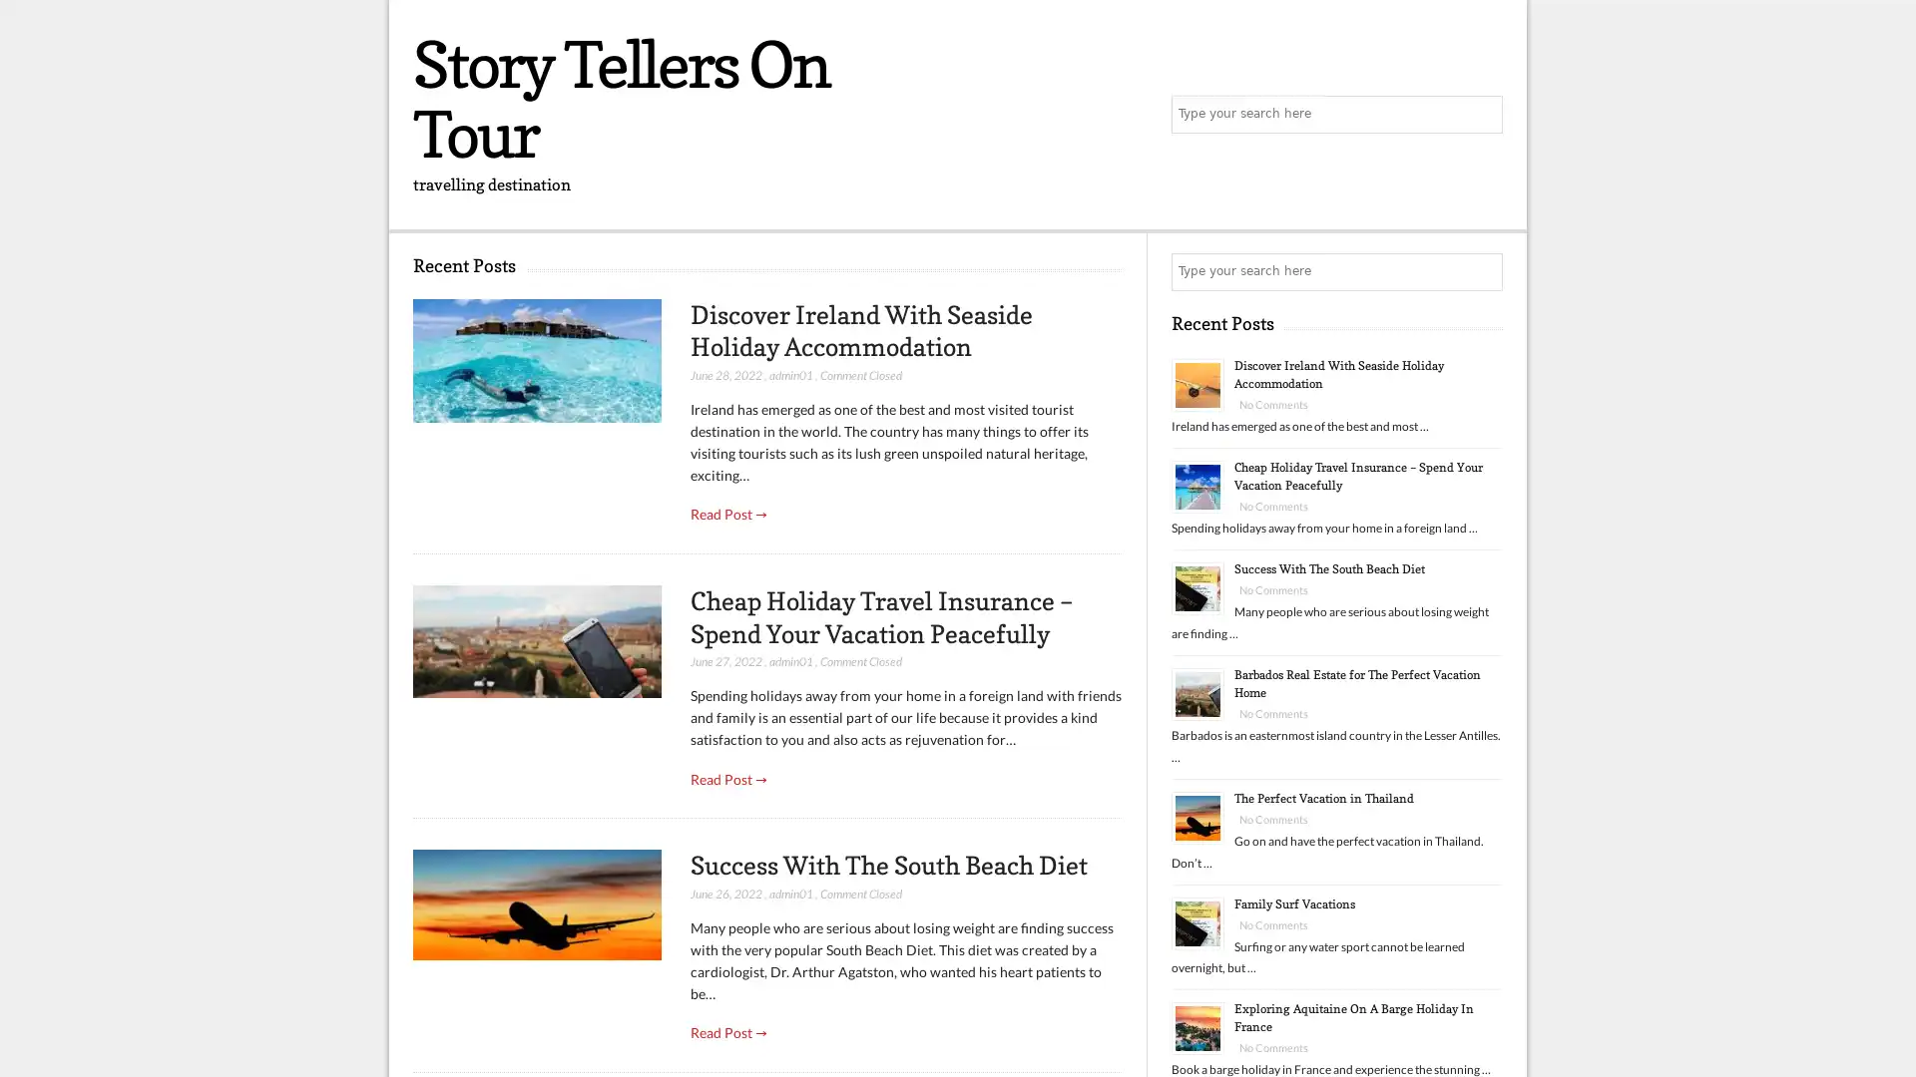 The width and height of the screenshot is (1916, 1077). Describe the element at coordinates (1482, 272) in the screenshot. I see `Search` at that location.